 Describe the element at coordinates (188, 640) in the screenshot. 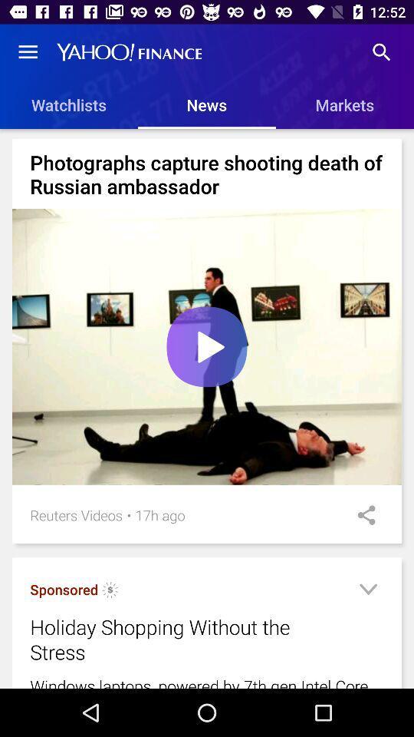

I see `holiday shopping without` at that location.